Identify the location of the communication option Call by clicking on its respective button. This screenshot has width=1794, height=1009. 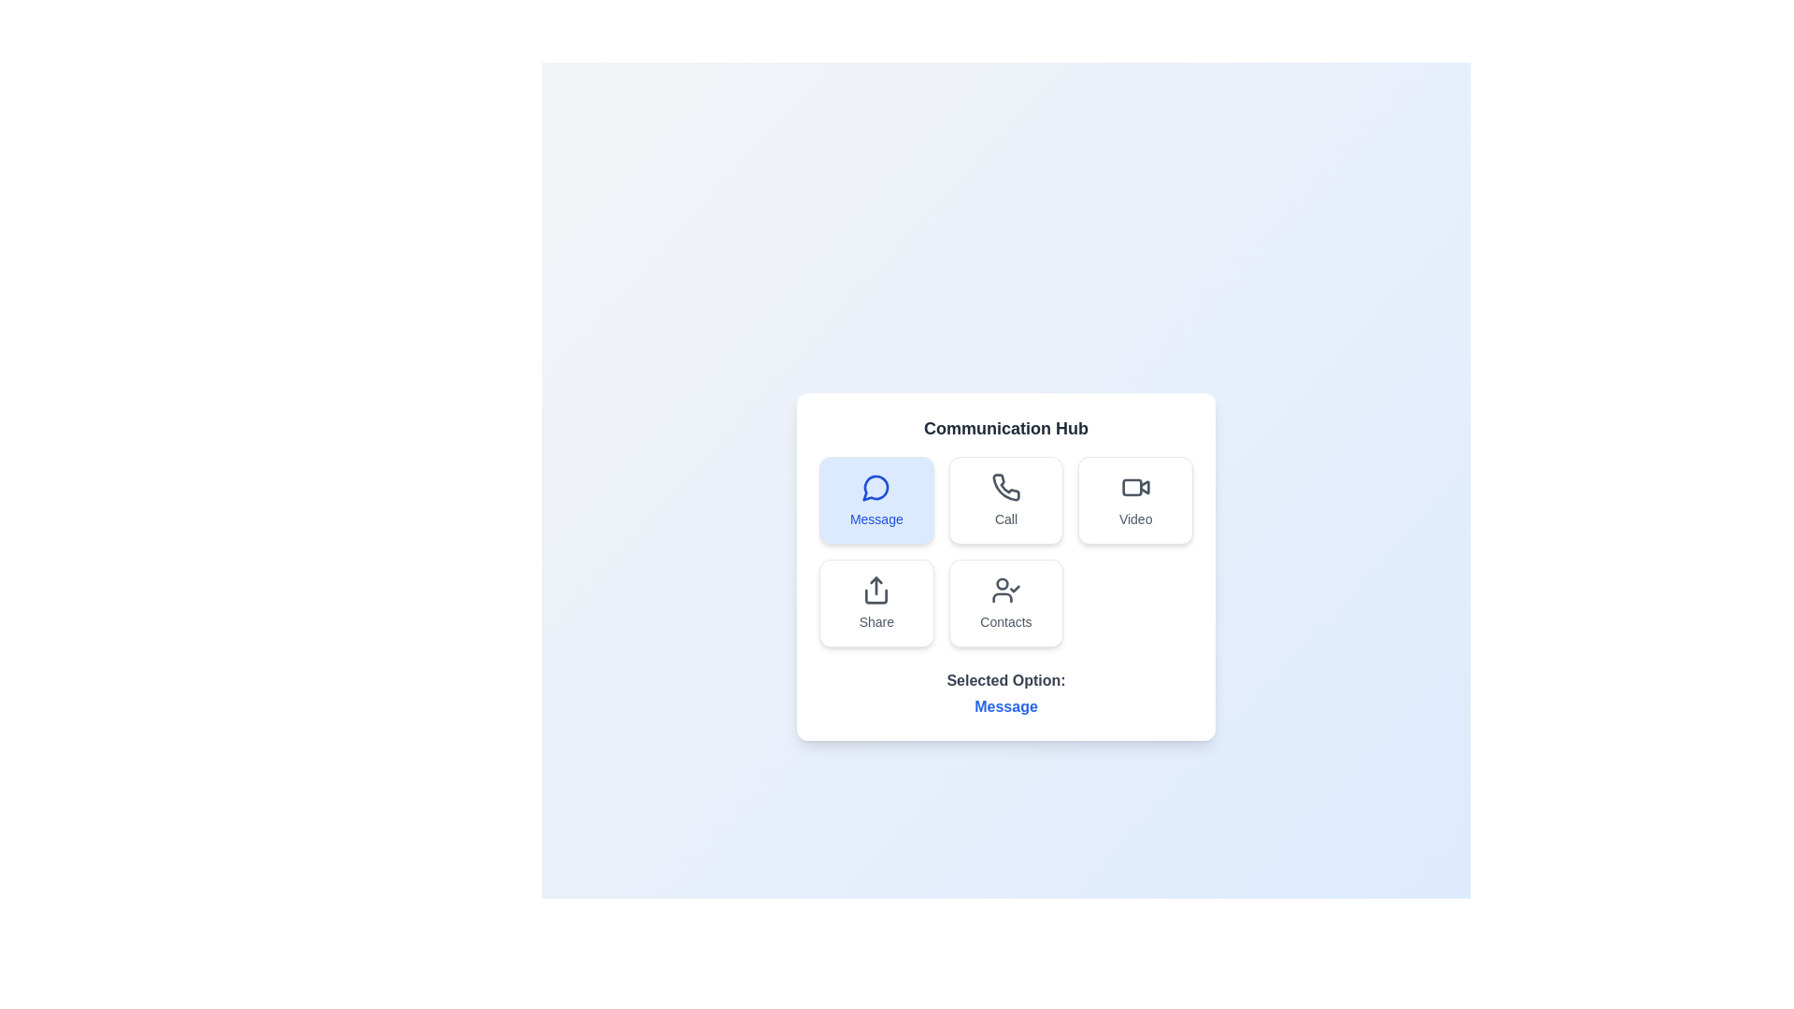
(1004, 500).